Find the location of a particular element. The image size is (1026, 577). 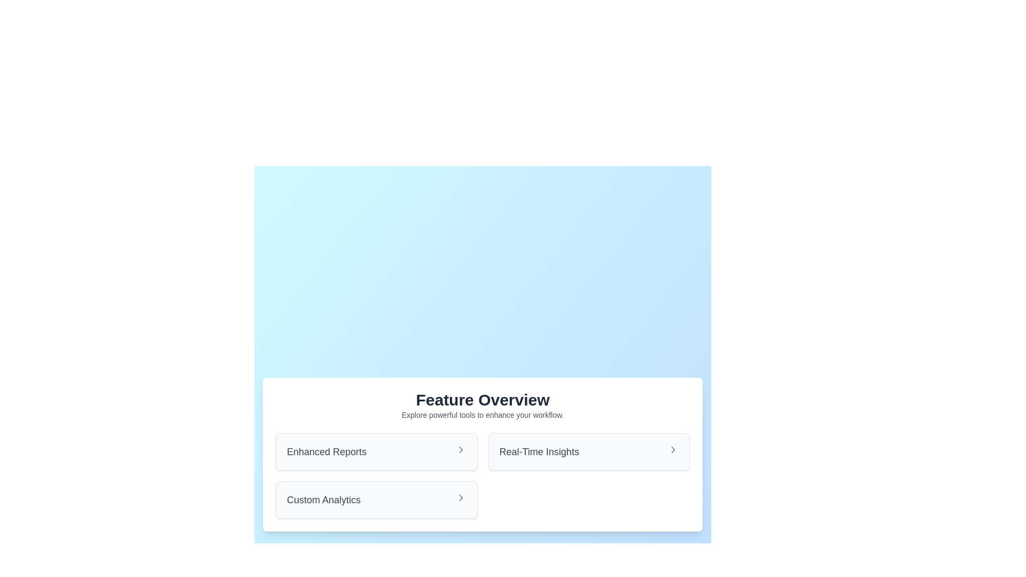

the right-pointing chevron icon (SVG) located to the right of 'Custom Analytics' is located at coordinates (461, 498).